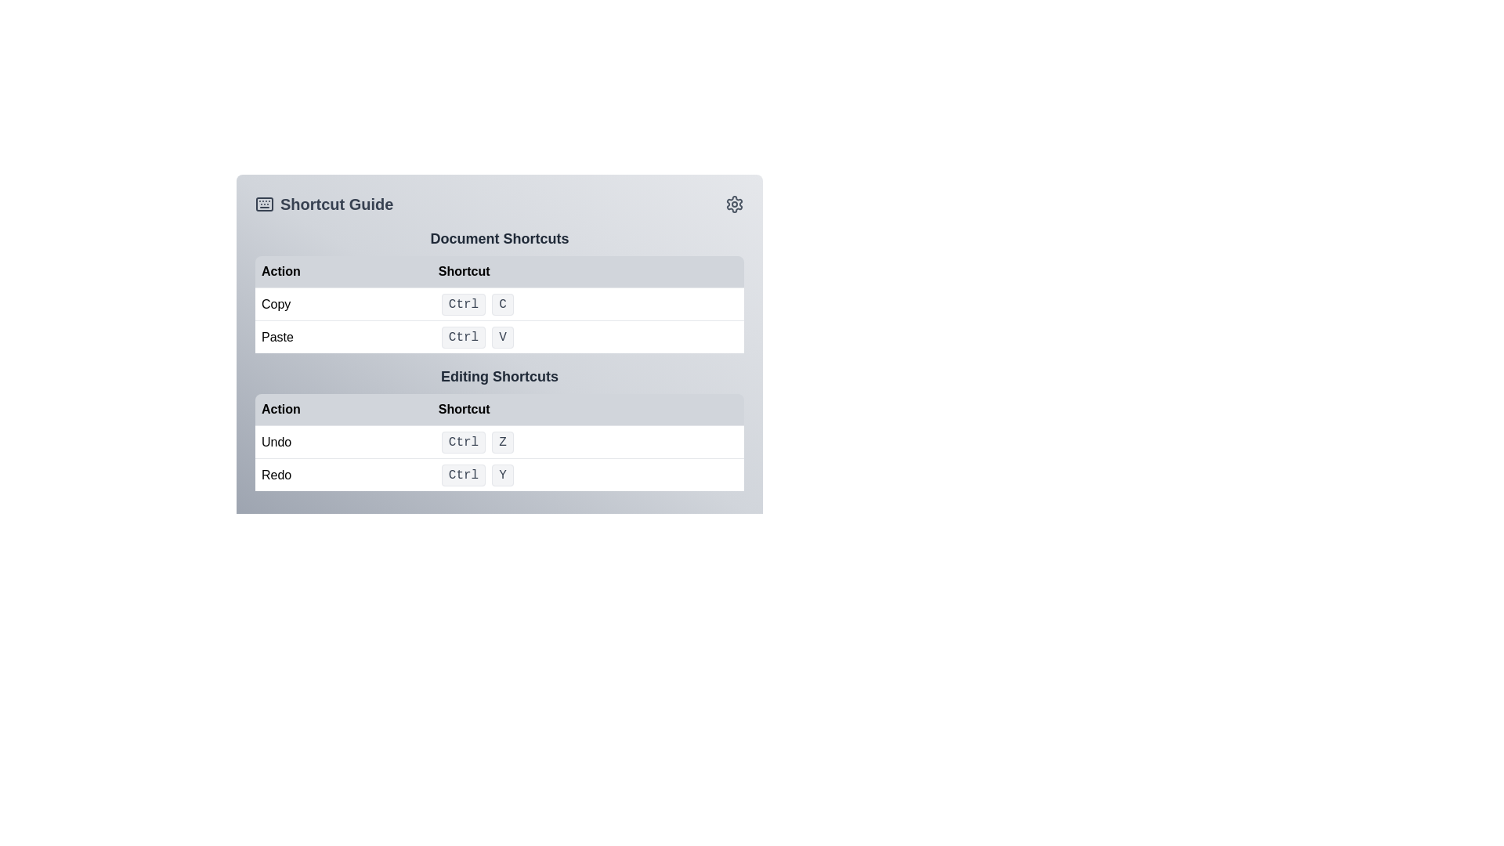  What do you see at coordinates (264, 204) in the screenshot?
I see `the keyboard icon graphical component within the SVG, which visually represents a key` at bounding box center [264, 204].